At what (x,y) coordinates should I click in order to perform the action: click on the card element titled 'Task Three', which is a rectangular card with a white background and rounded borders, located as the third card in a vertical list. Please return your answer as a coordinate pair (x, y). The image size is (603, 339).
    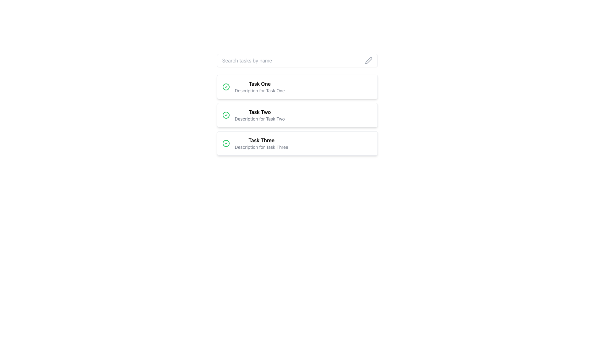
    Looking at the image, I should click on (297, 143).